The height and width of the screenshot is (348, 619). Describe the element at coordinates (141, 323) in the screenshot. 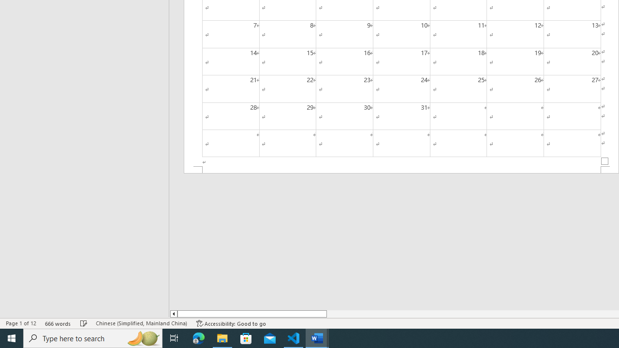

I see `'Language Chinese (Simplified, Mainland China)'` at that location.